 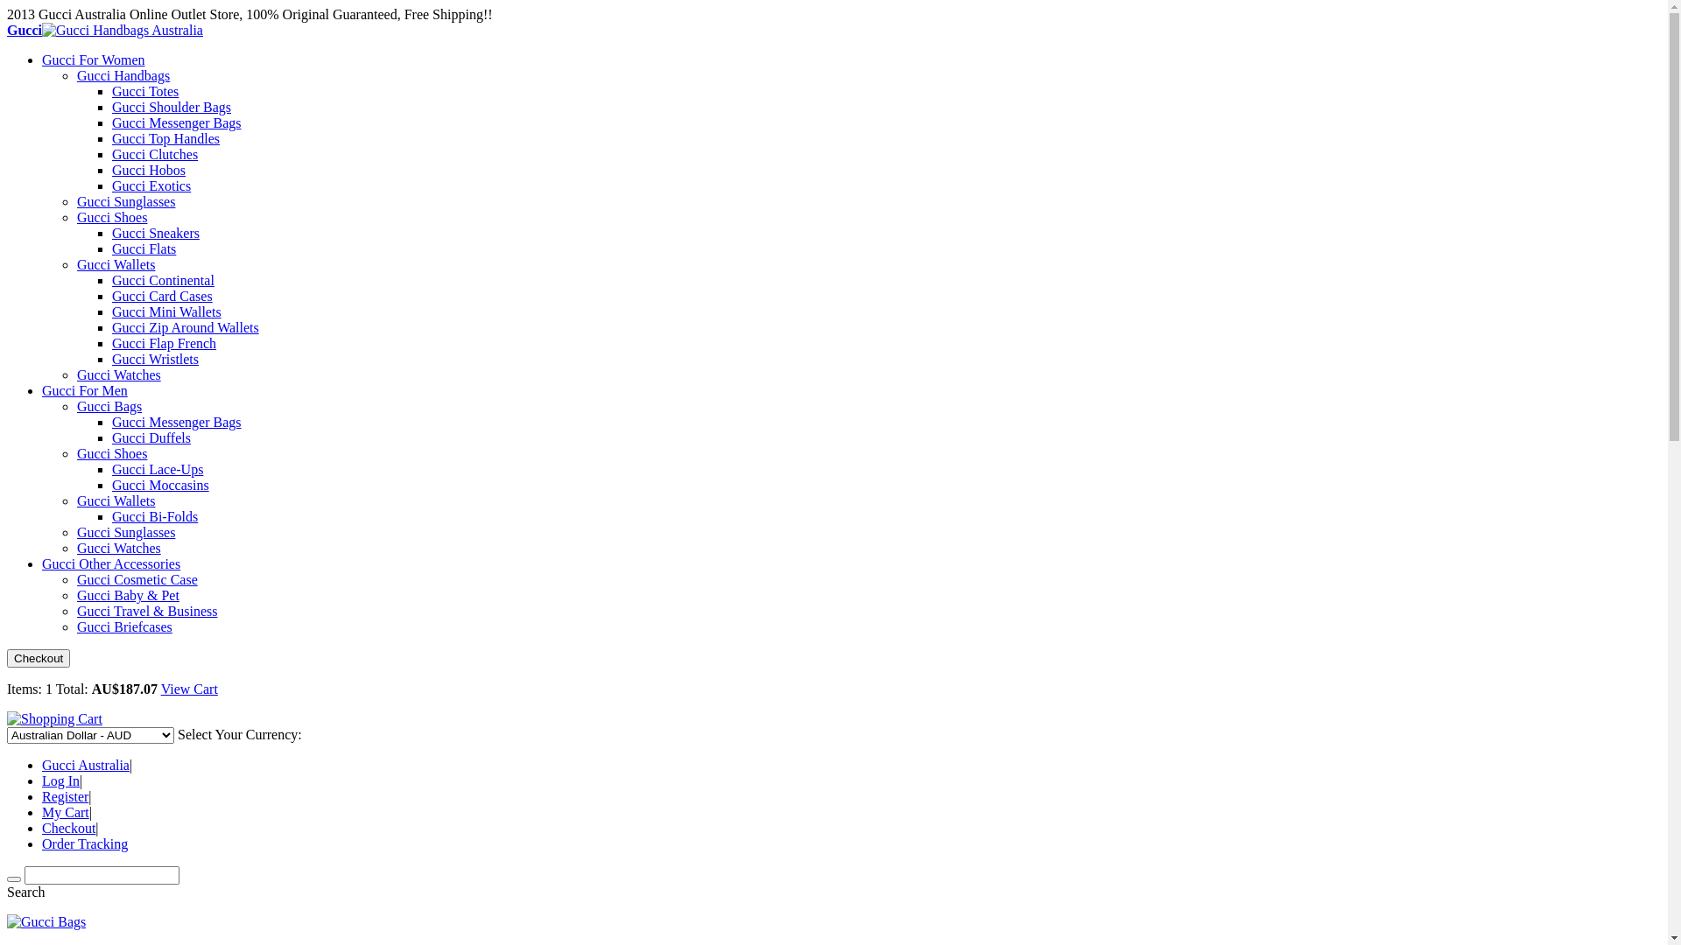 What do you see at coordinates (155, 515) in the screenshot?
I see `'Gucci Bi-Folds'` at bounding box center [155, 515].